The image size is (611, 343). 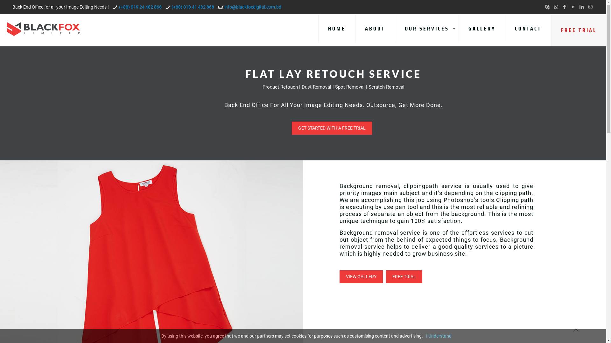 What do you see at coordinates (547, 7) in the screenshot?
I see `'Skype'` at bounding box center [547, 7].